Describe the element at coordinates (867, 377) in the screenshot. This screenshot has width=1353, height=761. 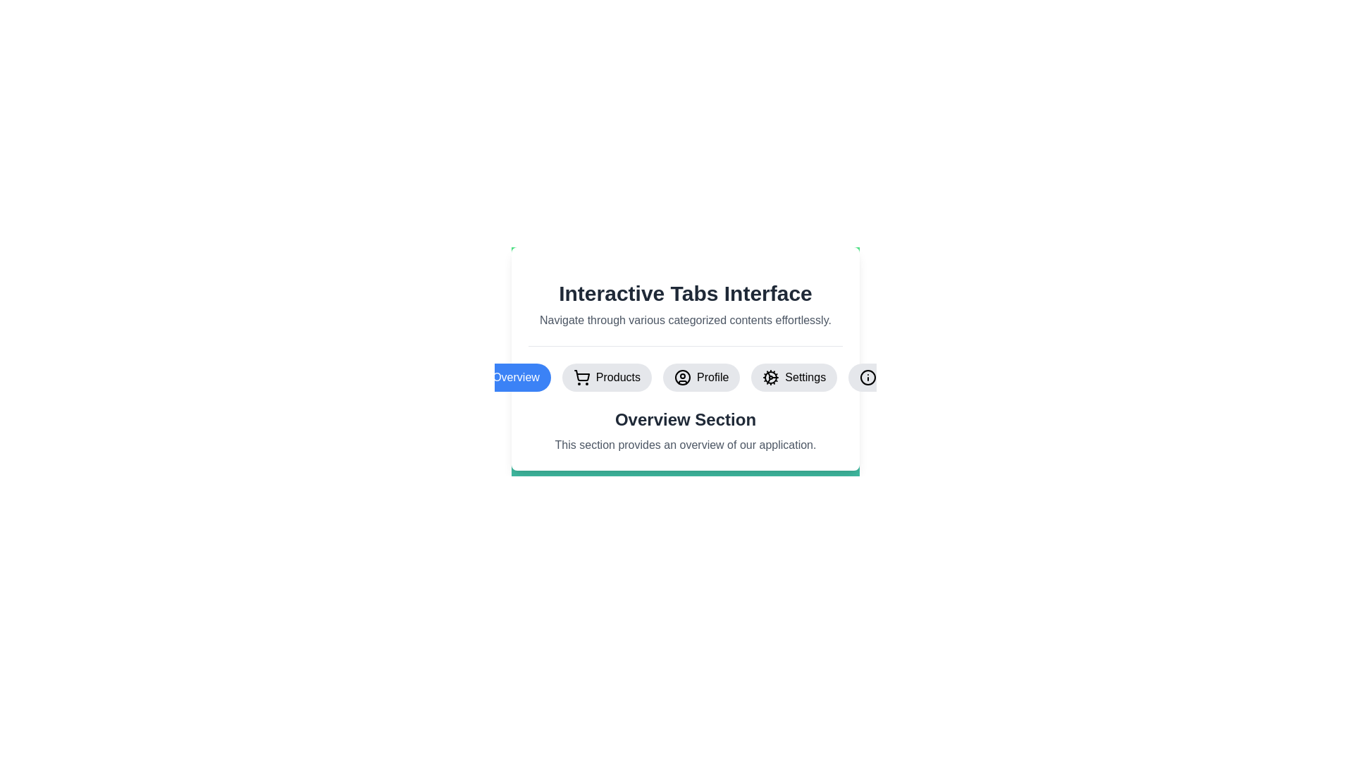
I see `the small circular icon resembling the letter 'i' enclosed in a circle, located in the 'Info' group` at that location.